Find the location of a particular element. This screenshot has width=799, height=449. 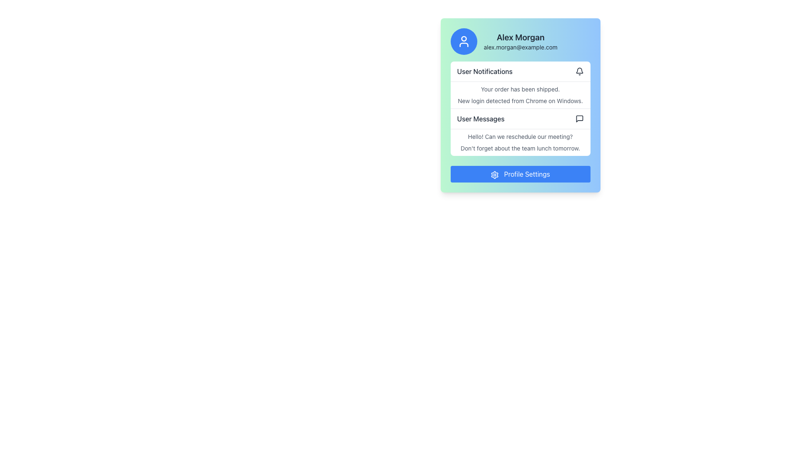

the static text field containing the messages 'Hello! Can we reschedule our meeting?' and 'Don't forget about the team lunch tomorrow.' located in the 'User Messages' section, directly beneath 'User Notifications.' is located at coordinates (520, 142).